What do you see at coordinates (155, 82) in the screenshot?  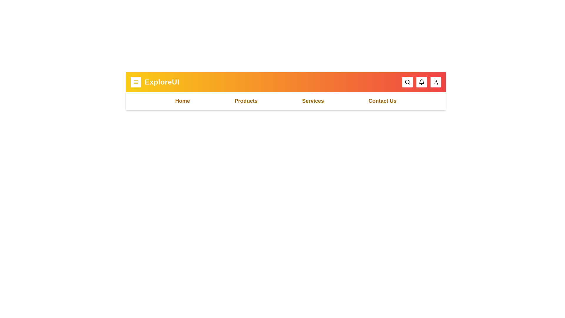 I see `the 'ExploreUI' text to select it` at bounding box center [155, 82].